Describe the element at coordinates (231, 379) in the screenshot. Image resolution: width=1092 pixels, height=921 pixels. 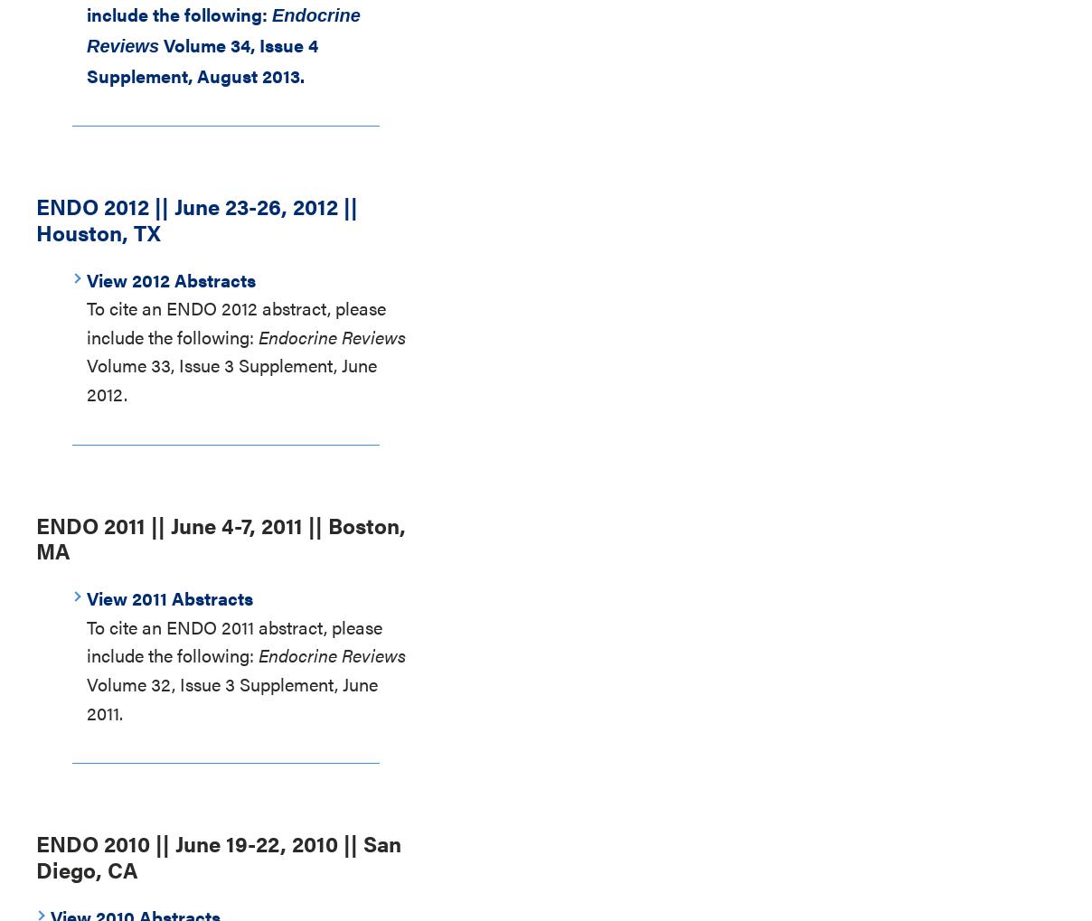
I see `'Volume 33, Issue 3 Supplement, June 2012.'` at that location.